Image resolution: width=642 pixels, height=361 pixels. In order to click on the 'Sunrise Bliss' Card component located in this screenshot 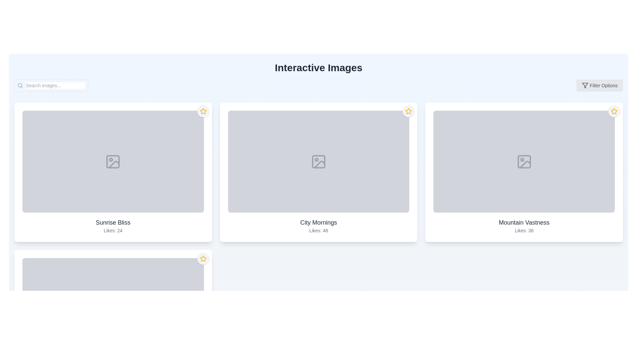, I will do `click(113, 172)`.